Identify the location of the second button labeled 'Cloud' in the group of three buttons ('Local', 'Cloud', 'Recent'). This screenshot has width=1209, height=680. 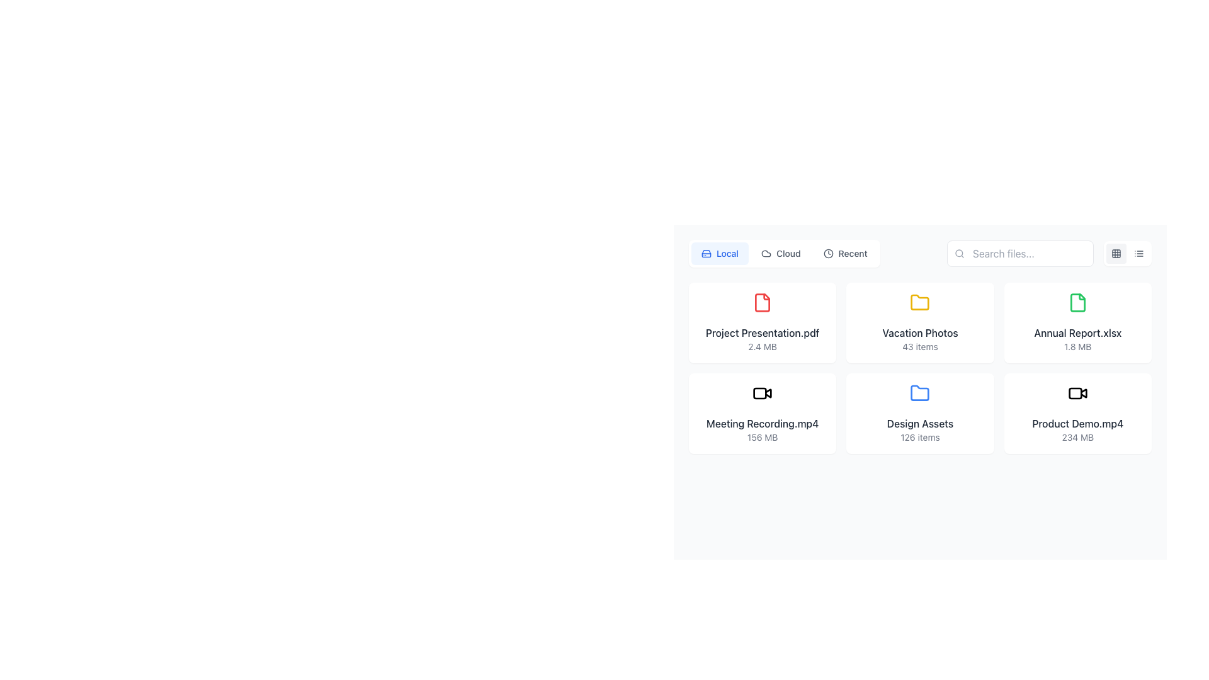
(780, 253).